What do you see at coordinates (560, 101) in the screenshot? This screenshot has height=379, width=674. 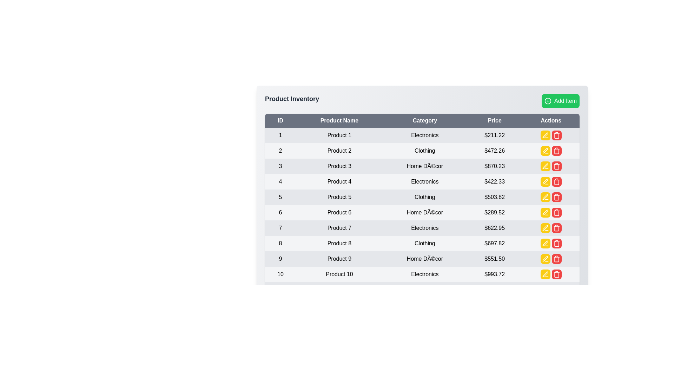 I see `the 'Add Item' button to initiate adding a new product` at bounding box center [560, 101].